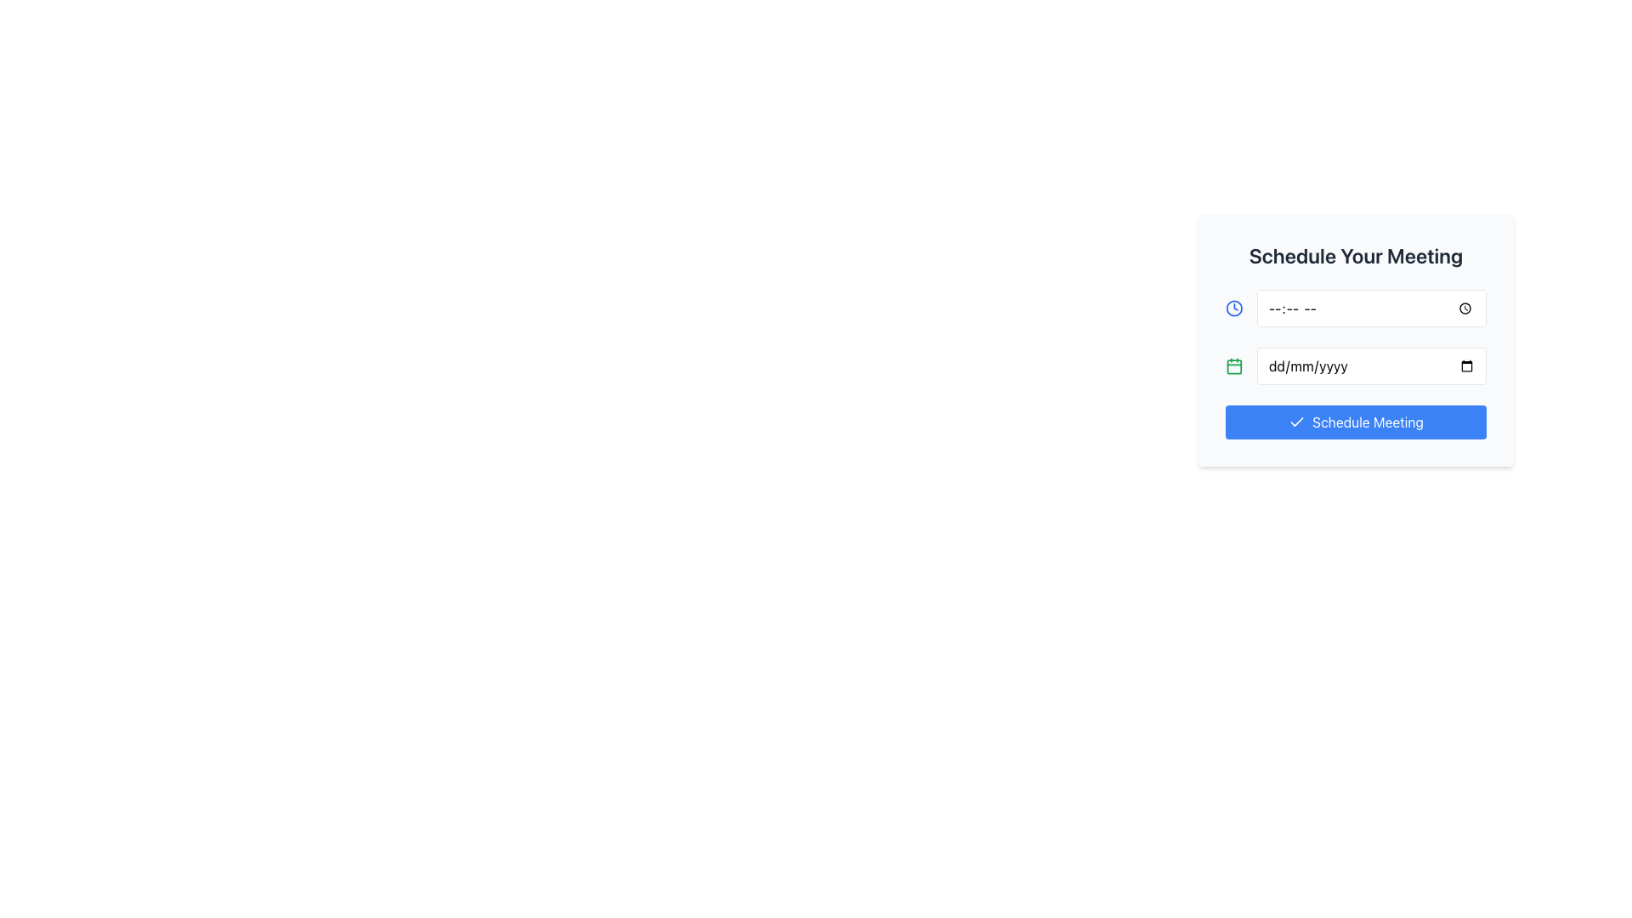 The height and width of the screenshot is (918, 1632). I want to click on the circular graphical shape that is part of the clock icon, positioned to the right of the time selection input field, so click(1234, 308).